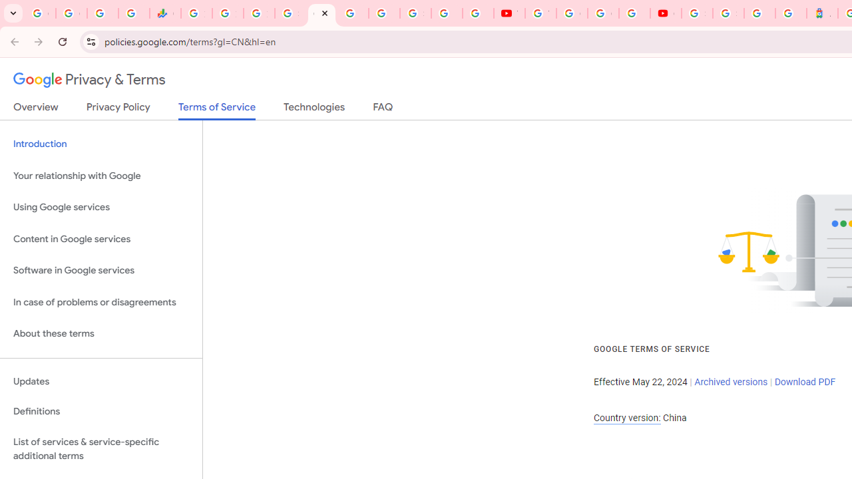 This screenshot has height=479, width=852. What do you see at coordinates (101, 302) in the screenshot?
I see `'In case of problems or disagreements'` at bounding box center [101, 302].